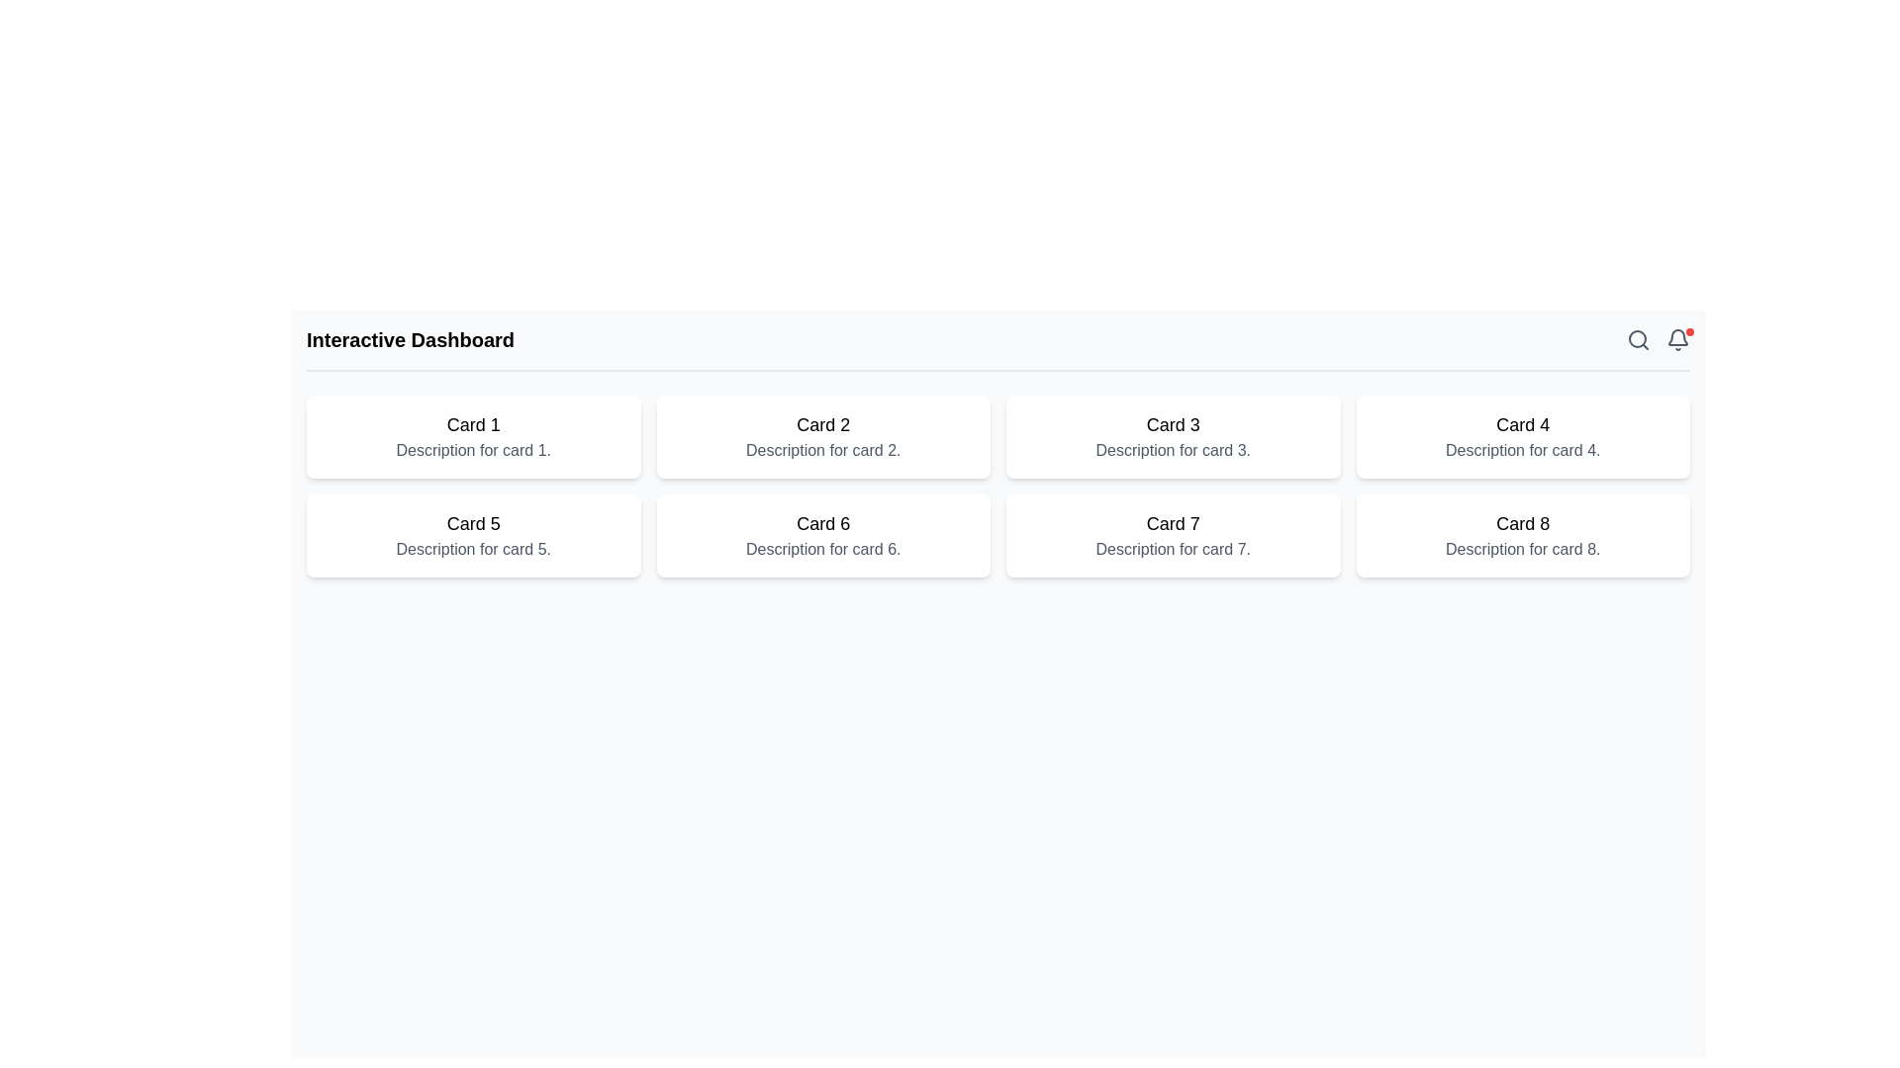  What do you see at coordinates (472, 450) in the screenshot?
I see `the text label reading 'Description for card 1.' which is styled in light gray and located below the heading 'Card 1' within the card box` at bounding box center [472, 450].